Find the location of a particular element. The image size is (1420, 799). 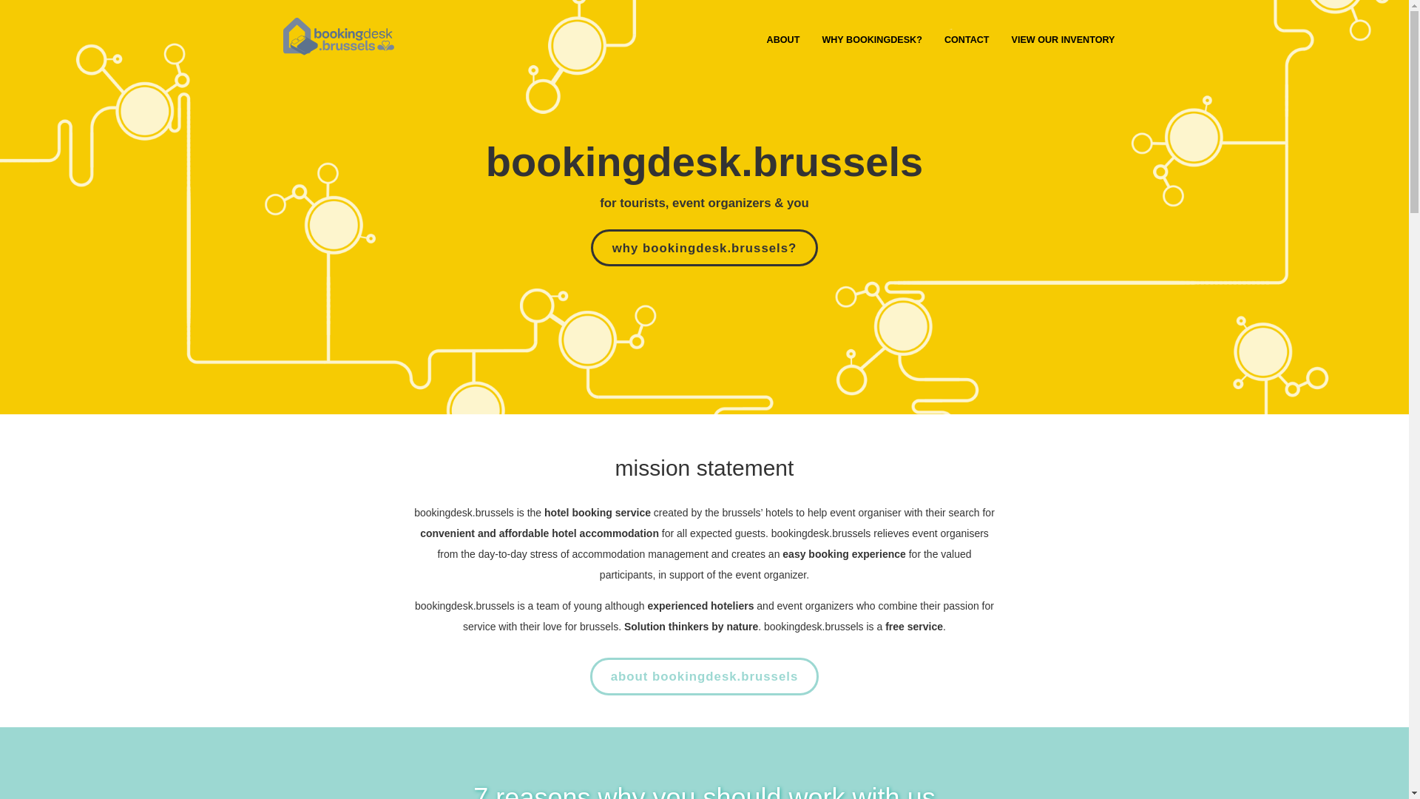

'WHY BOOKINGDESK?' is located at coordinates (872, 39).